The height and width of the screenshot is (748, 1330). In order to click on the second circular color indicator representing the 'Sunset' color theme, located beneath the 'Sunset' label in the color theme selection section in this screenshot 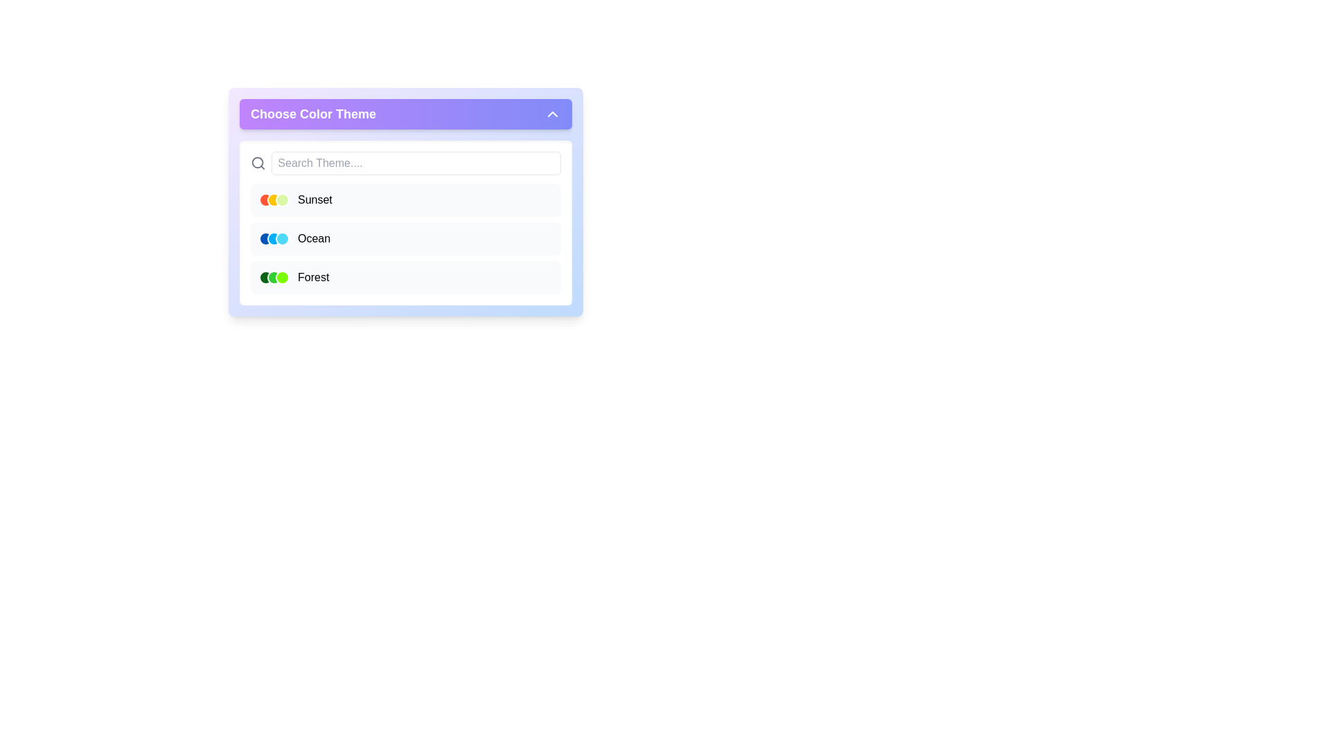, I will do `click(274, 200)`.